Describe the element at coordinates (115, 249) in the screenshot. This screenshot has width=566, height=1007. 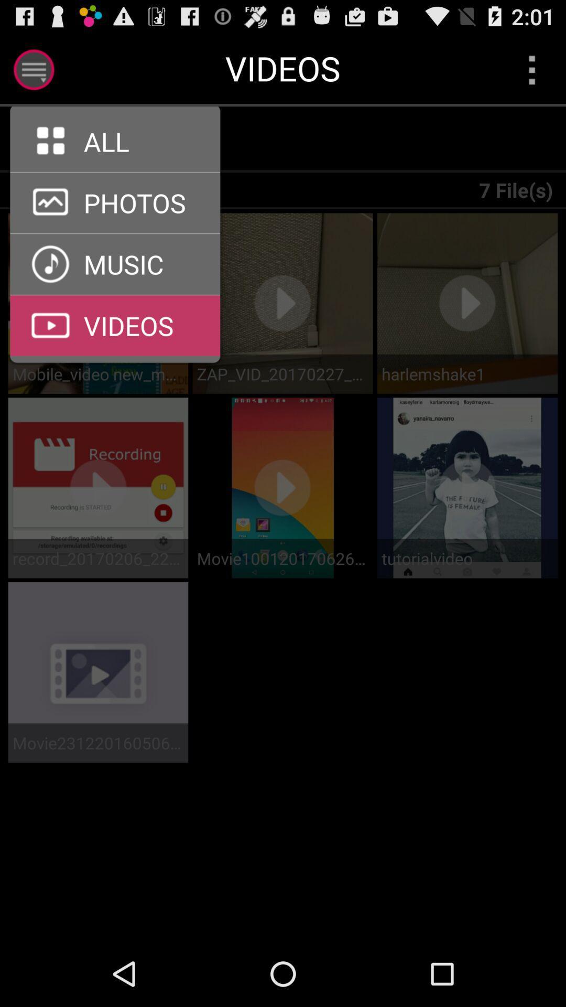
I see `the arrow_forward icon` at that location.